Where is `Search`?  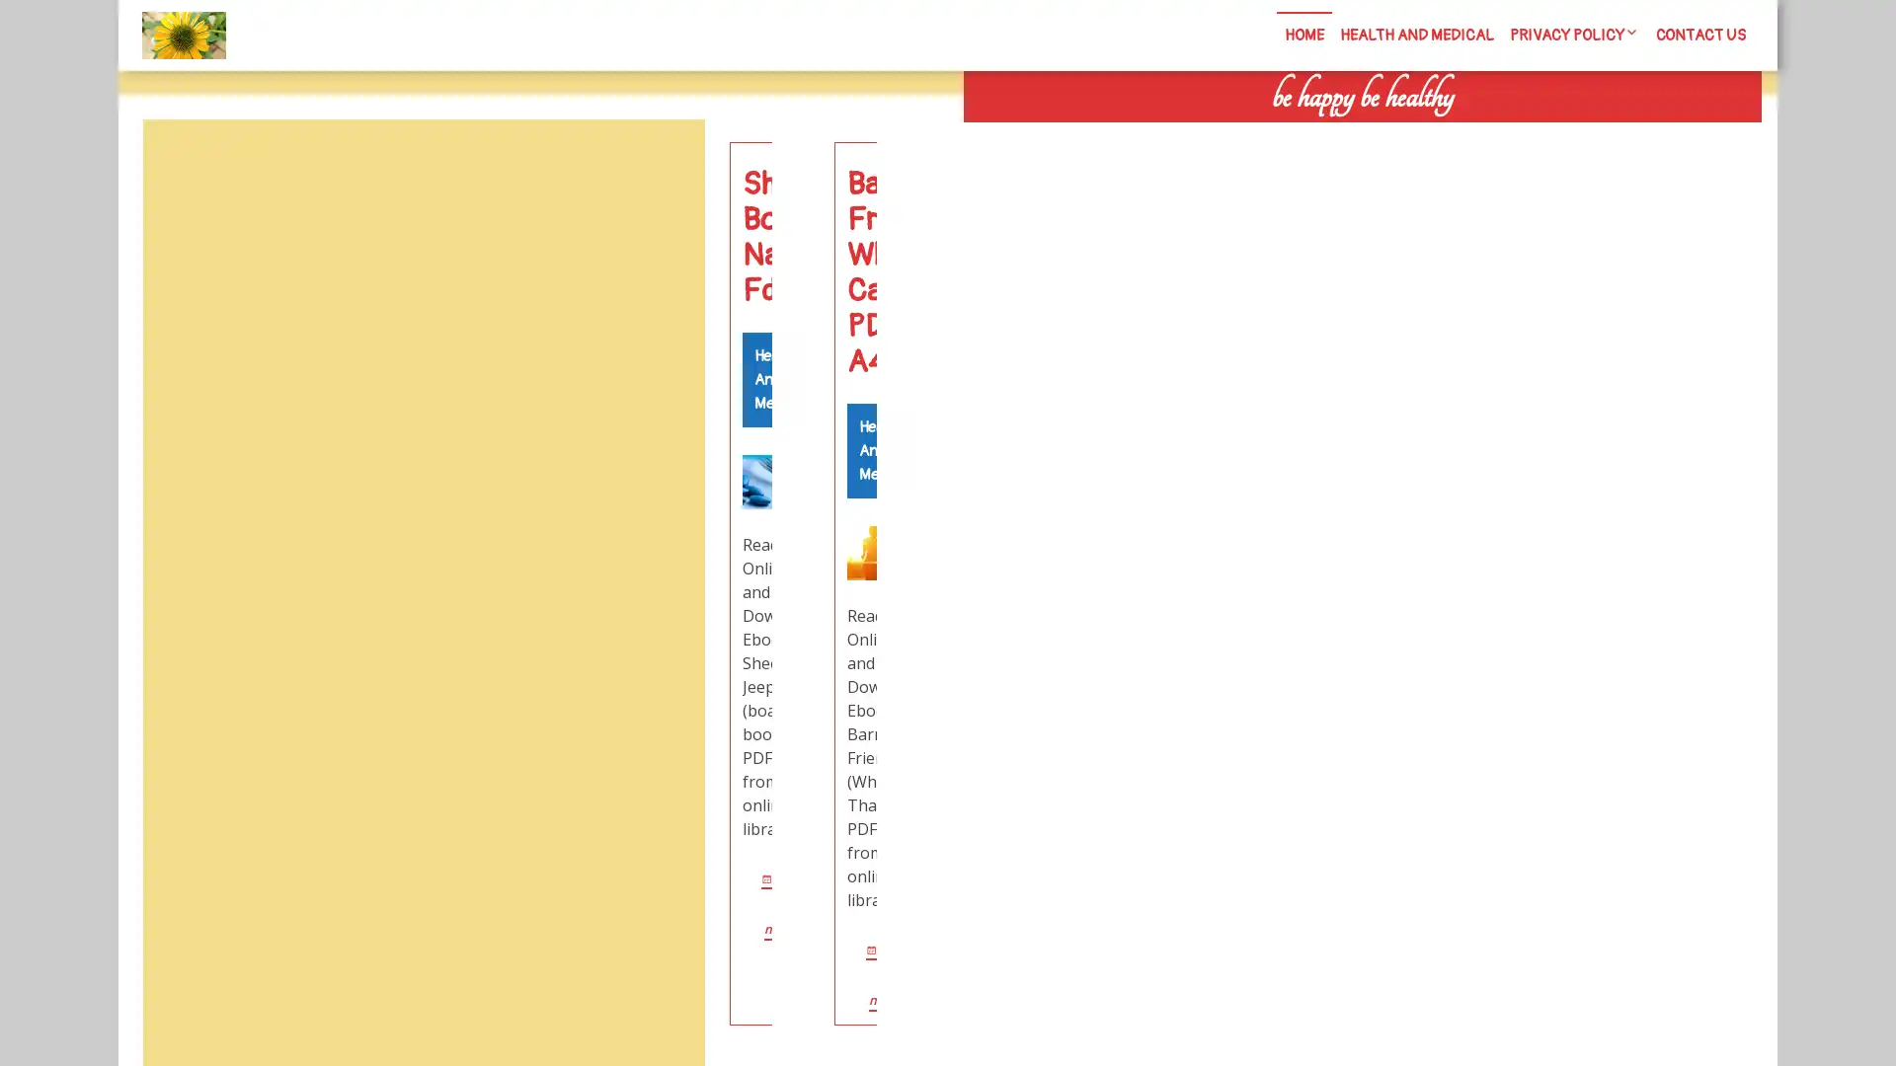 Search is located at coordinates (659, 166).